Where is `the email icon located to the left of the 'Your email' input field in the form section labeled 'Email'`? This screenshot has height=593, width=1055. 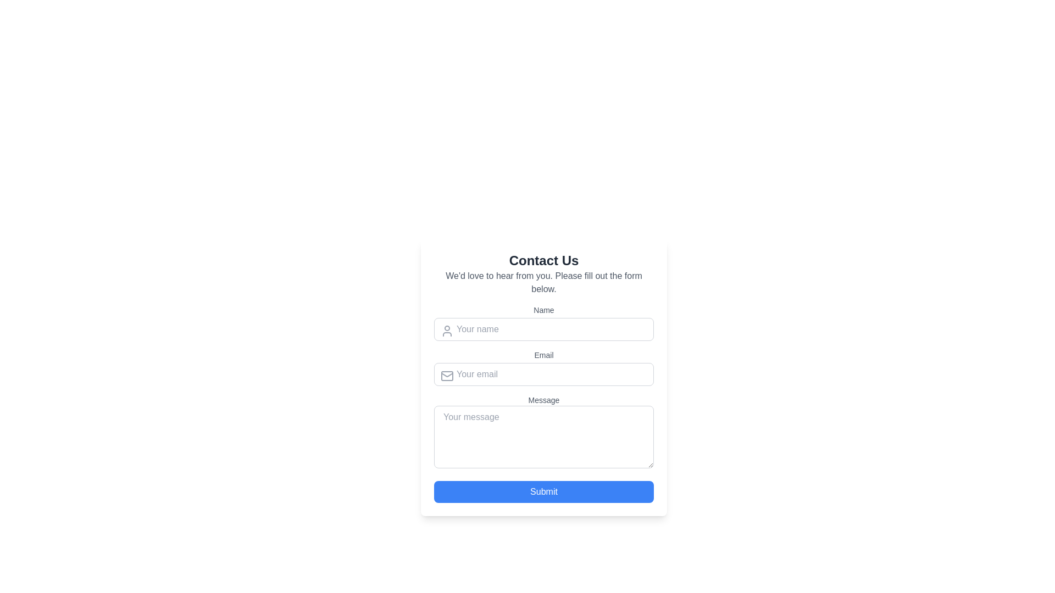 the email icon located to the left of the 'Your email' input field in the form section labeled 'Email' is located at coordinates (447, 376).